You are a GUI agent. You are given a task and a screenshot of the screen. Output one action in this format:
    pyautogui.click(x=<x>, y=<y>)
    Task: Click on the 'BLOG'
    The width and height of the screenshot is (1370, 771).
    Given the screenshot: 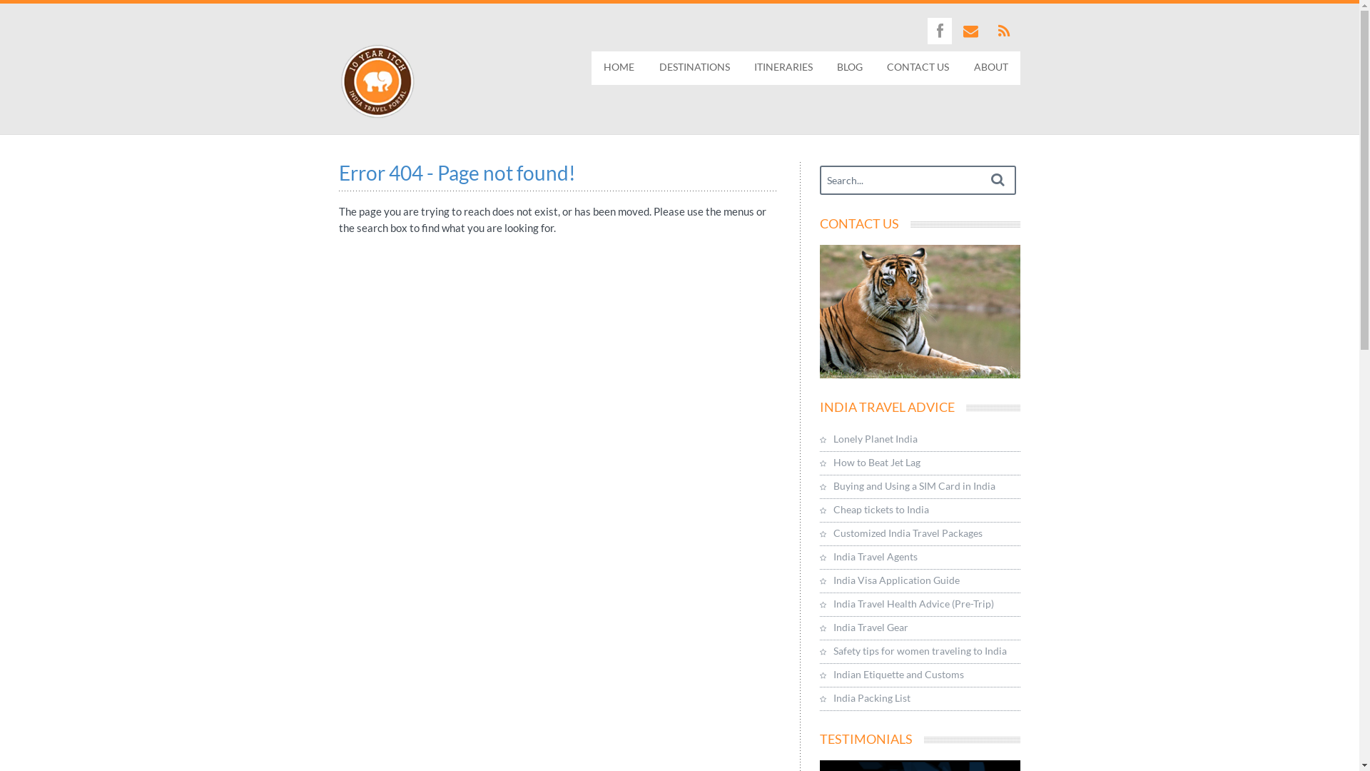 What is the action you would take?
    pyautogui.click(x=849, y=68)
    